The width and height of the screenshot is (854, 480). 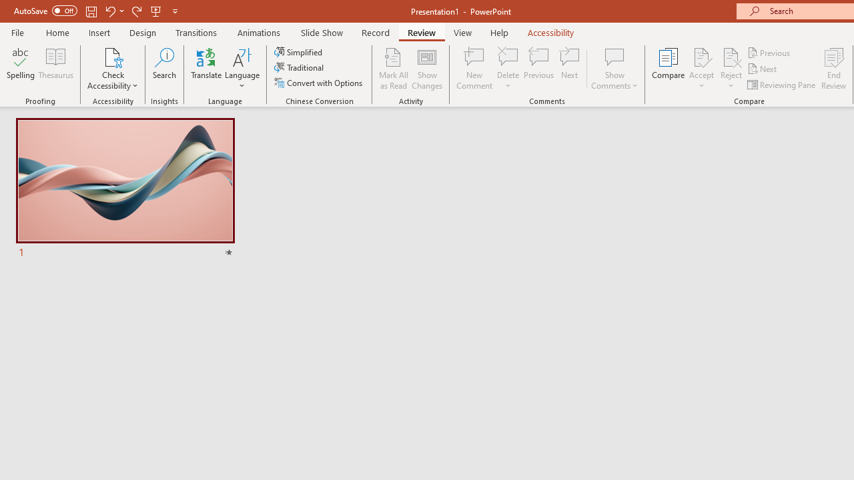 I want to click on 'Show Changes', so click(x=427, y=69).